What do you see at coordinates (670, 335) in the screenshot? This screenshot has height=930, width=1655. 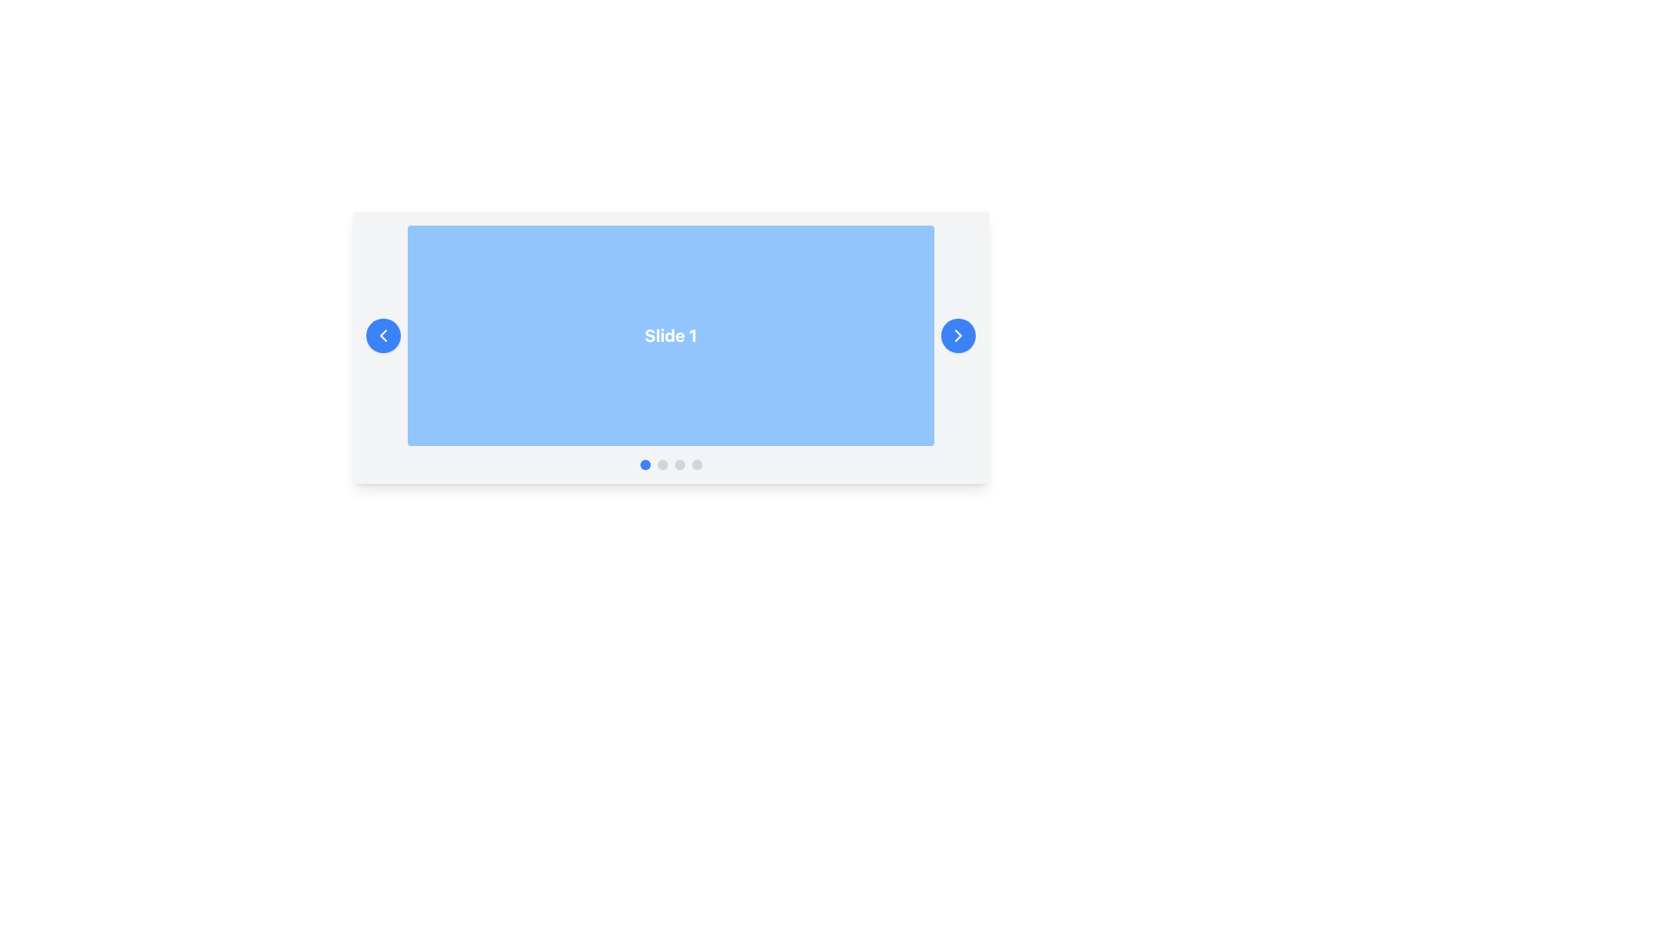 I see `the Content Display Area that displays the current slide's content labeled 'Slide 1' within the carousel` at bounding box center [670, 335].